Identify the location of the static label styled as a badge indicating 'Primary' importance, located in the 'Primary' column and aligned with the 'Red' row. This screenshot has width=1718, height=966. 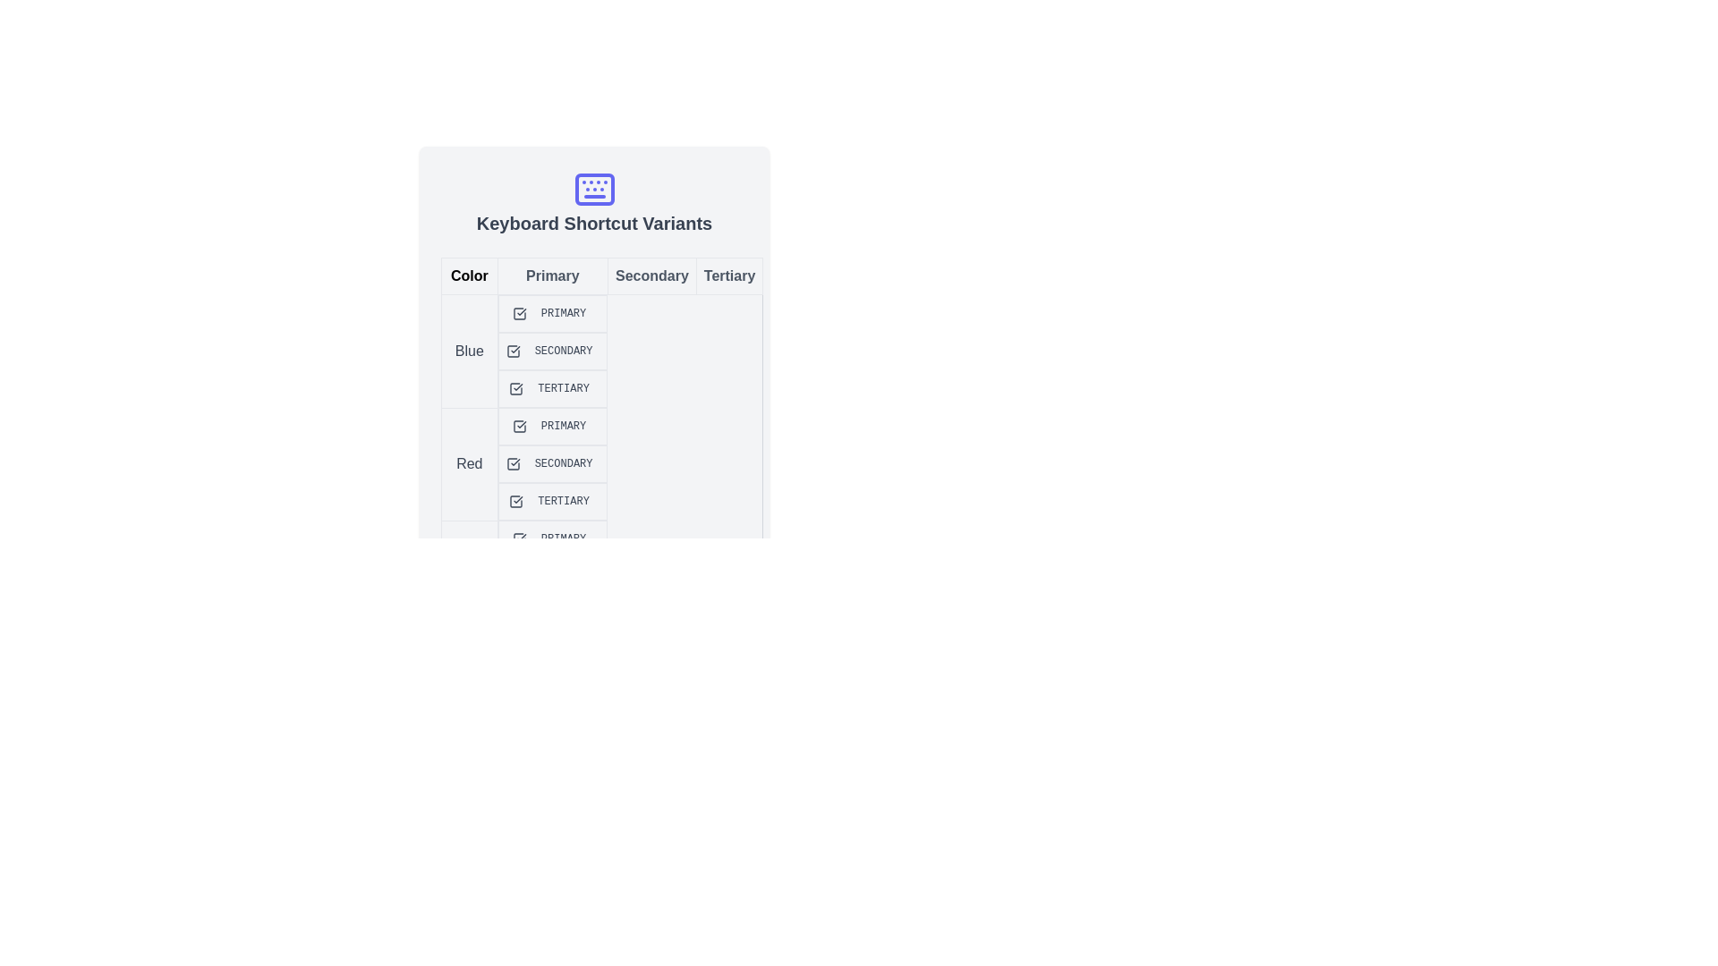
(563, 427).